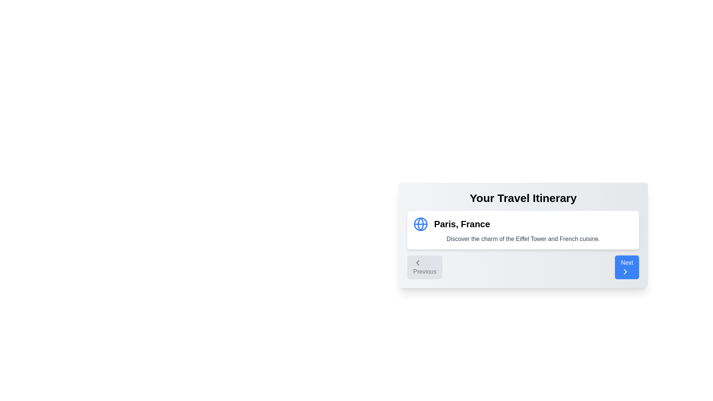 This screenshot has height=401, width=713. What do you see at coordinates (420, 224) in the screenshot?
I see `the globe icon located to the left of the text 'Paris, France', which is part of an SVG representation indicating travel or international content` at bounding box center [420, 224].